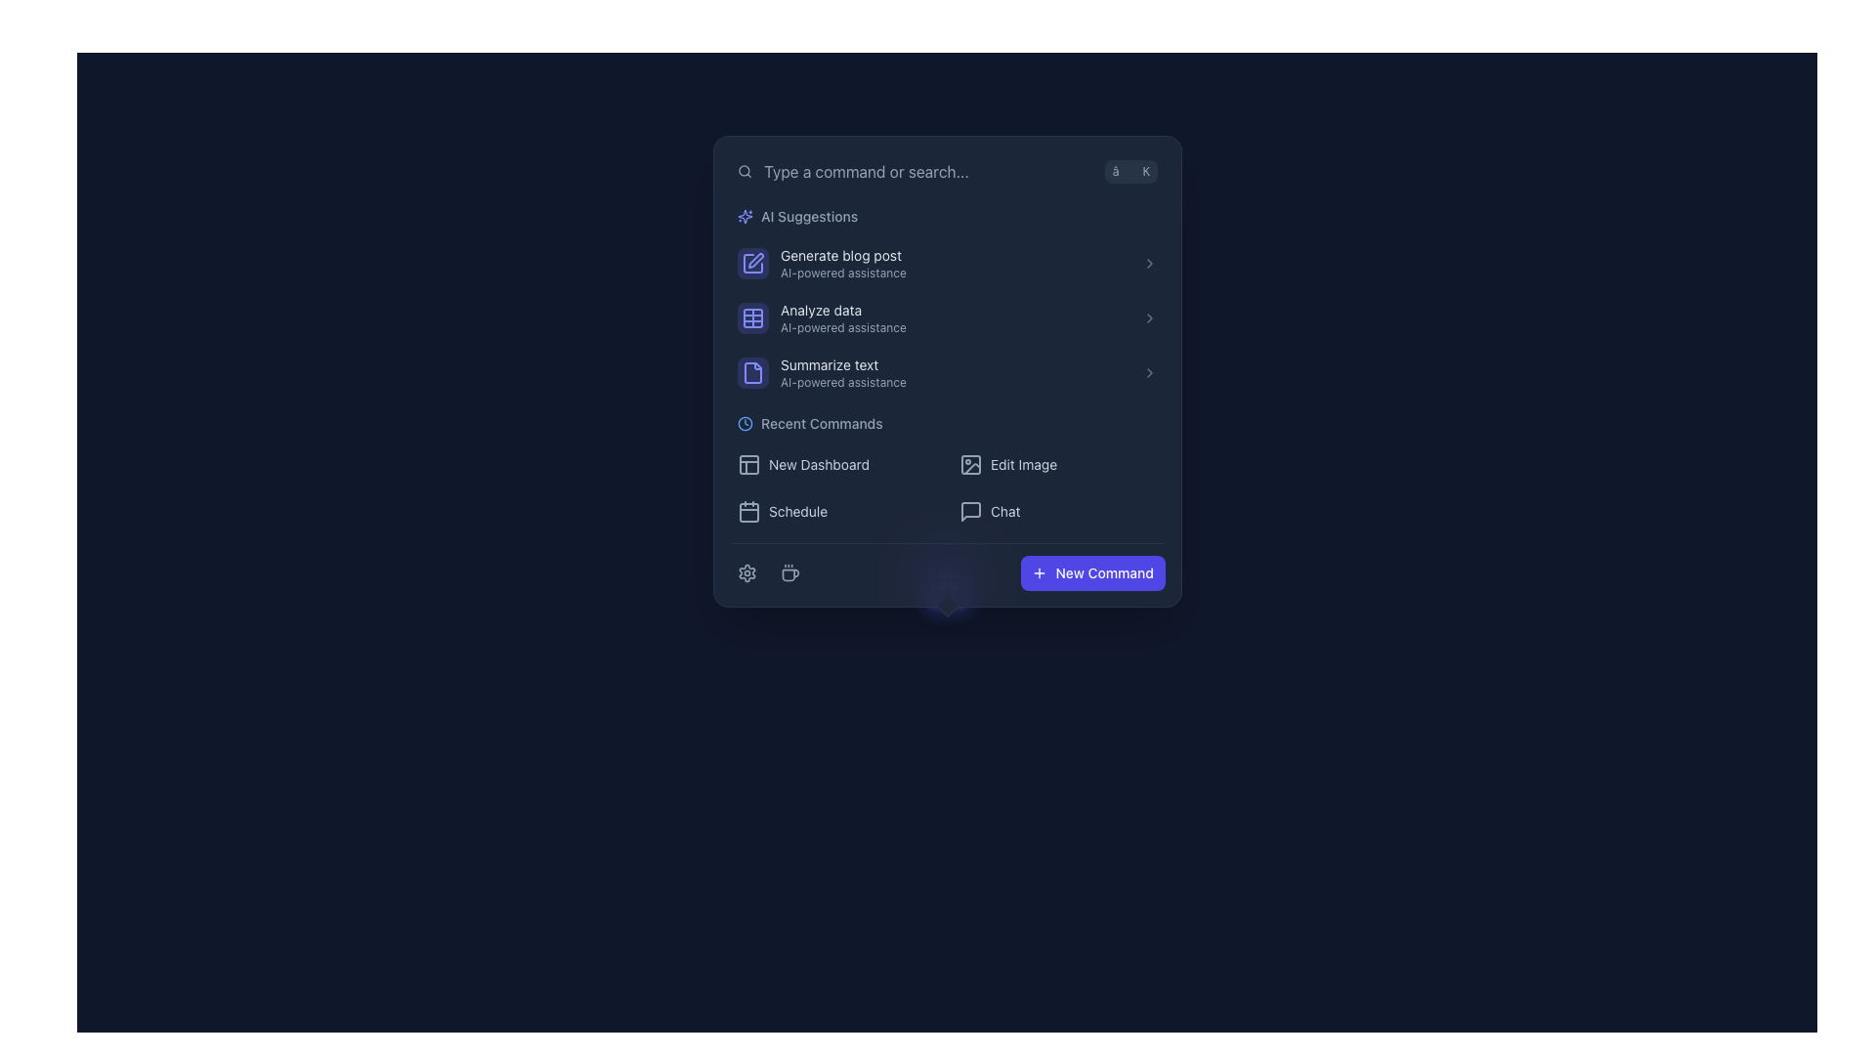  What do you see at coordinates (1022, 464) in the screenshot?
I see `the text label reading 'Edit Image', which is part of the command menu located to the right of an image-related icon in the 'Recent Commands' section` at bounding box center [1022, 464].